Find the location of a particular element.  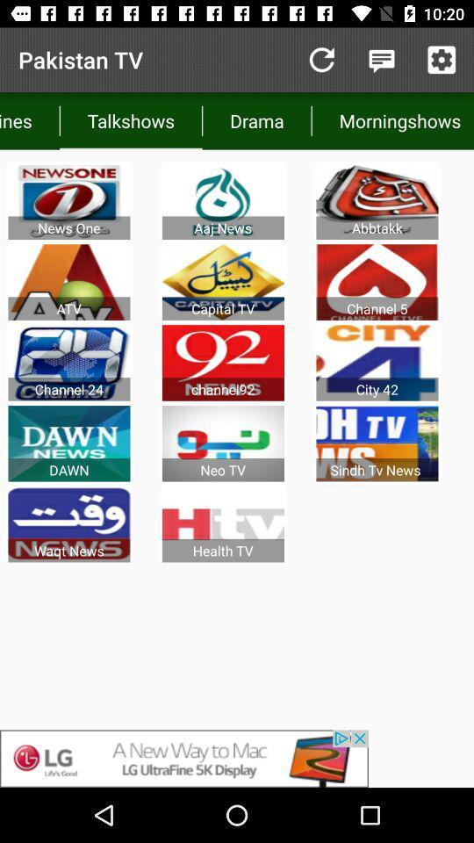

lg icon is located at coordinates (237, 758).